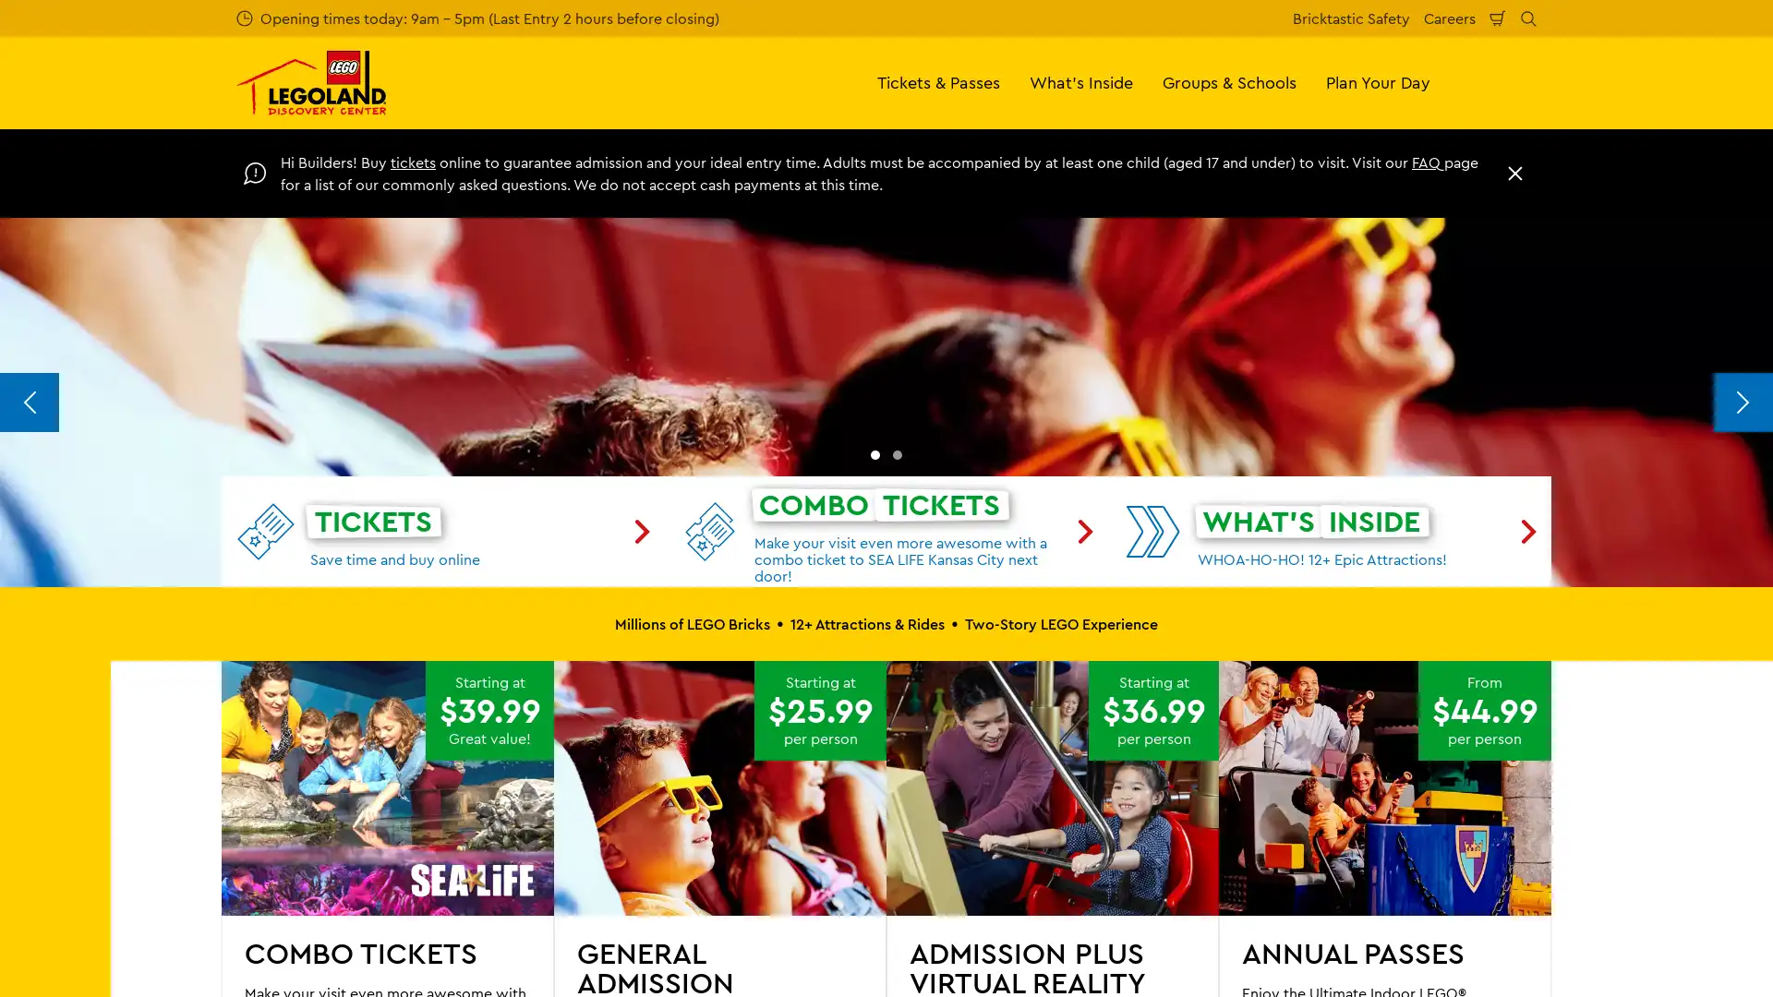  I want to click on Search, so click(1528, 18).